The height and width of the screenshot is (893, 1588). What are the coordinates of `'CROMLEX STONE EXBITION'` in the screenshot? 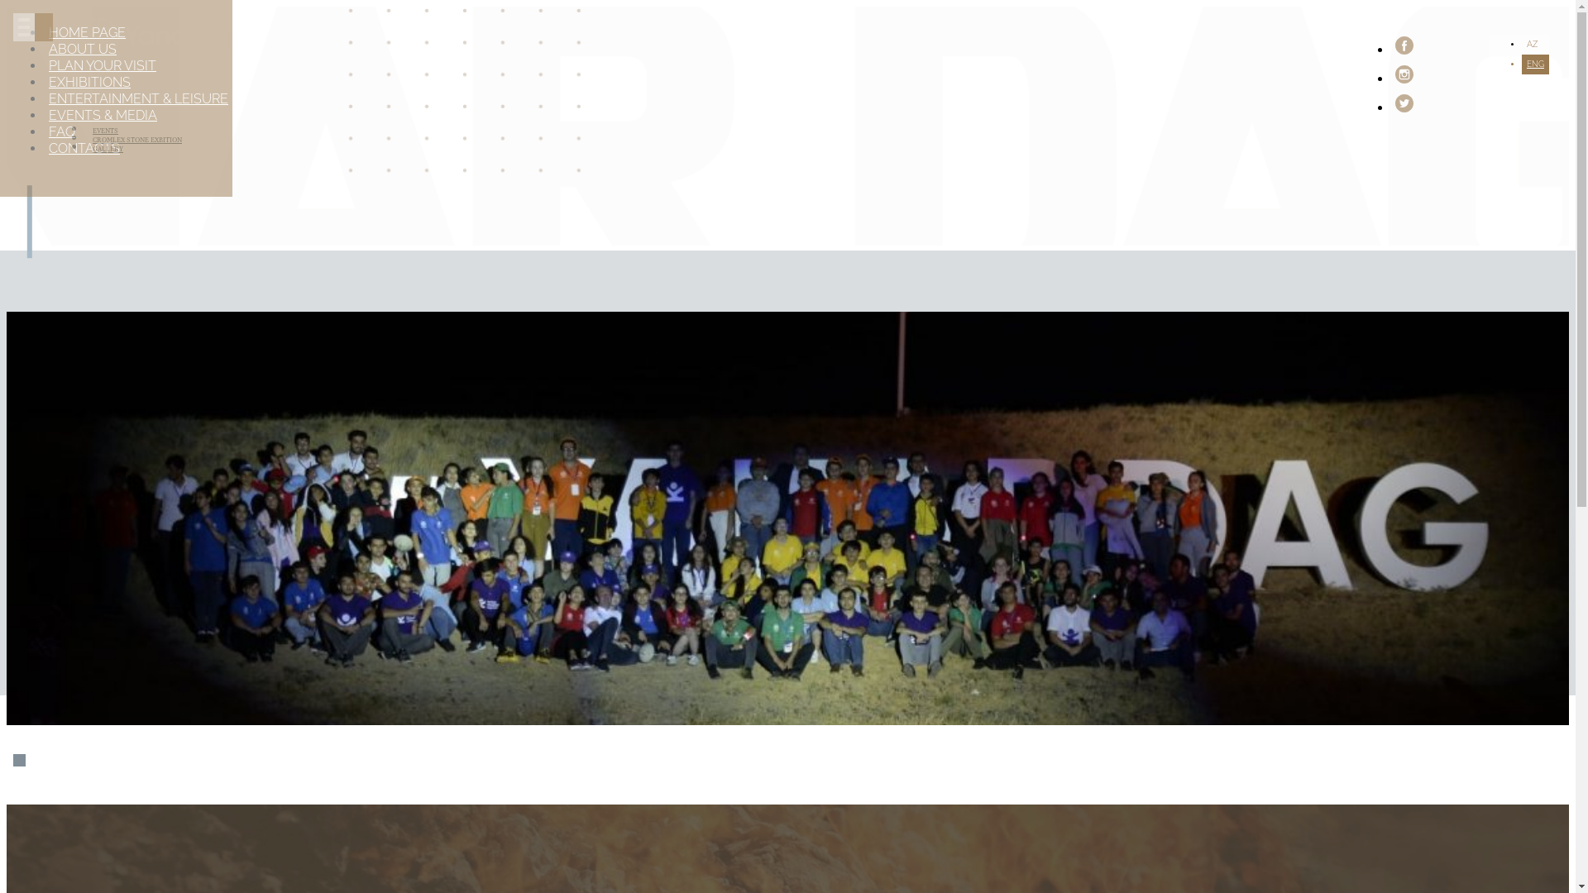 It's located at (137, 139).